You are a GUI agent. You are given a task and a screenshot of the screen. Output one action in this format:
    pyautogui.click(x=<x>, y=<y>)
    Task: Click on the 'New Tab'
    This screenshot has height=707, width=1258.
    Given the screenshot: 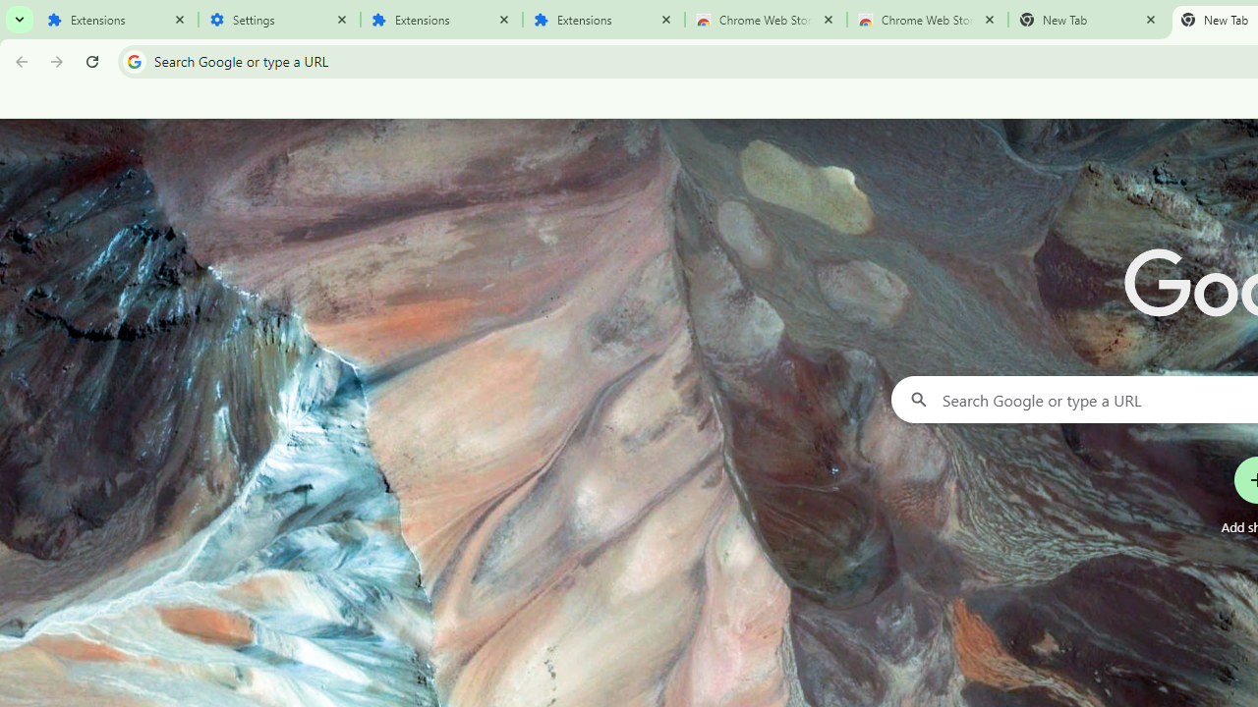 What is the action you would take?
    pyautogui.click(x=1088, y=20)
    